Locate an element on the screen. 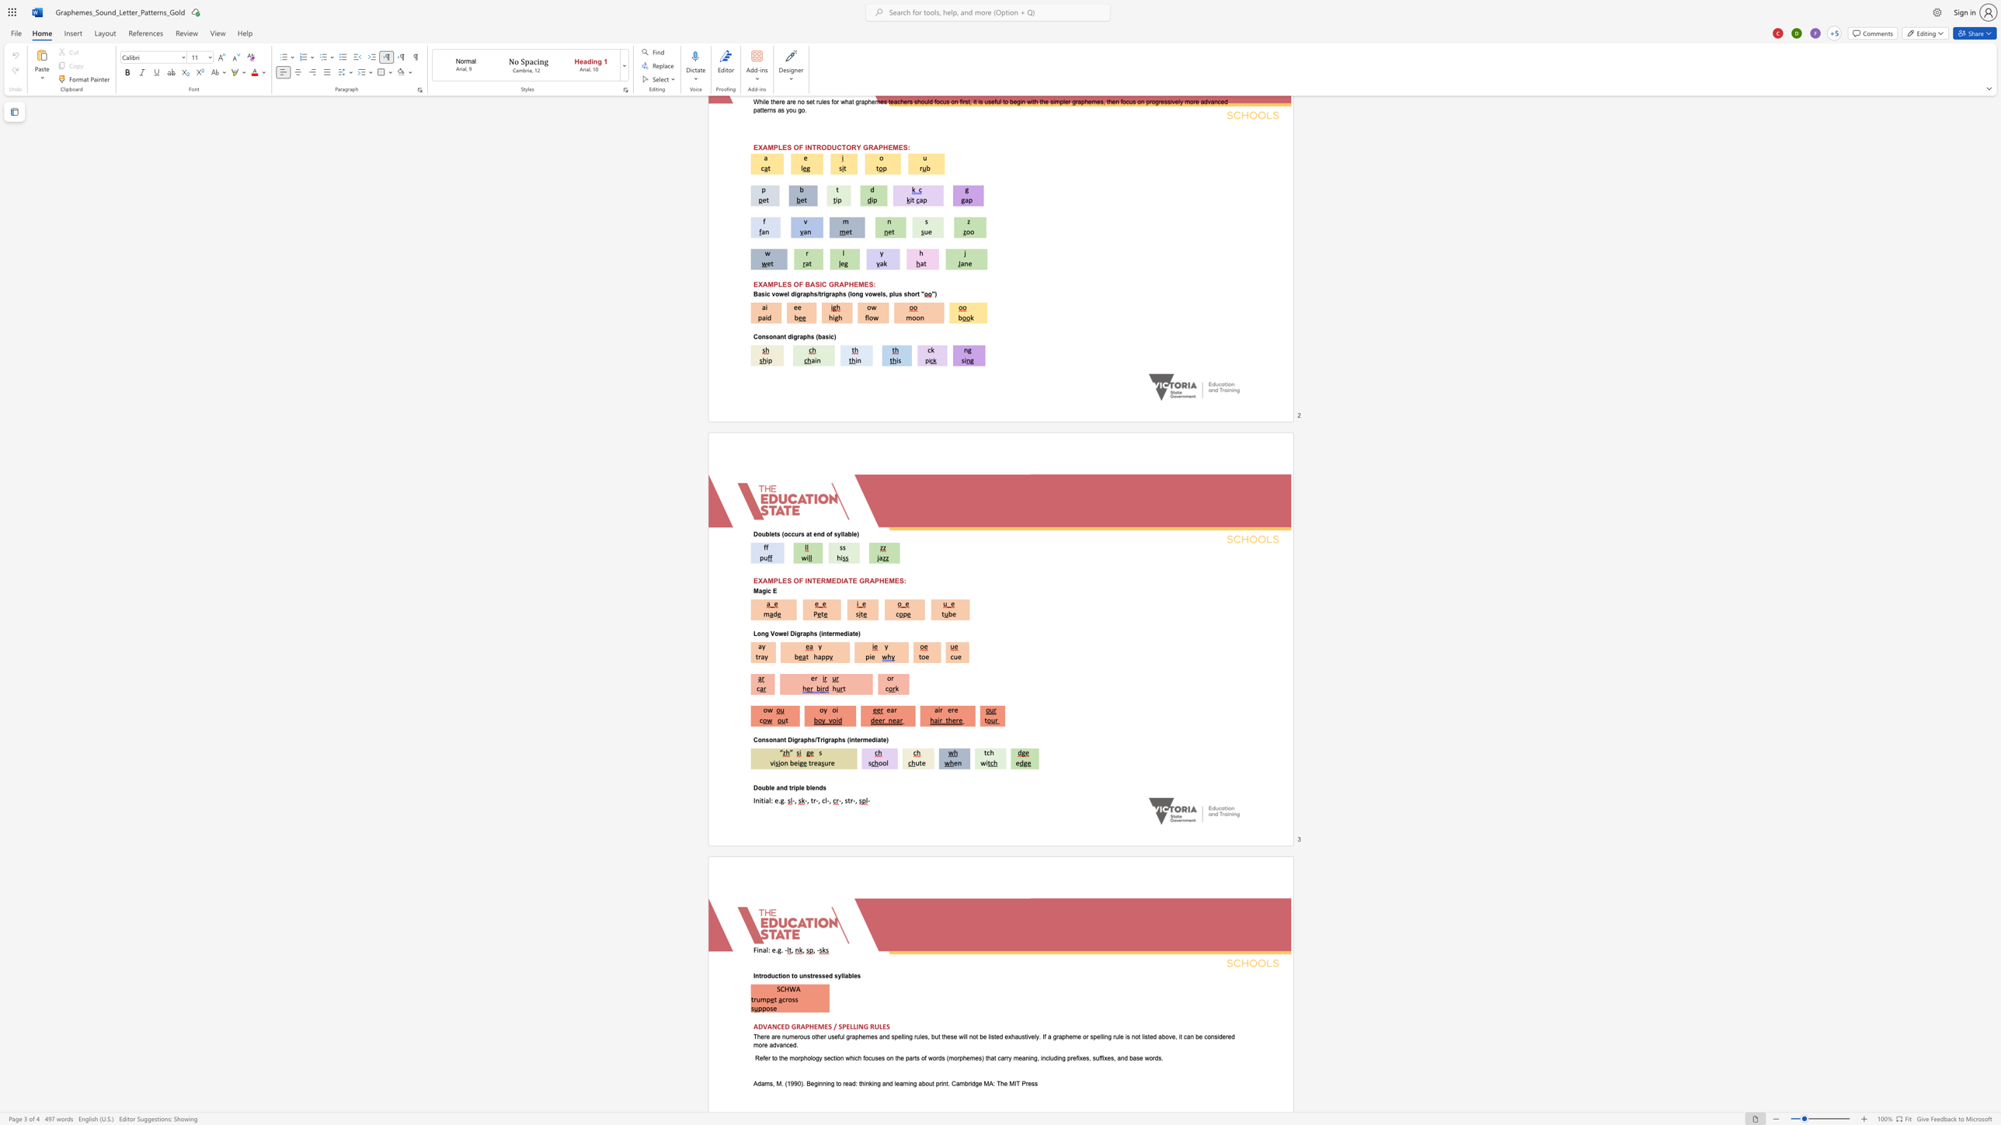  the 1th character "p" in the text is located at coordinates (796, 786).